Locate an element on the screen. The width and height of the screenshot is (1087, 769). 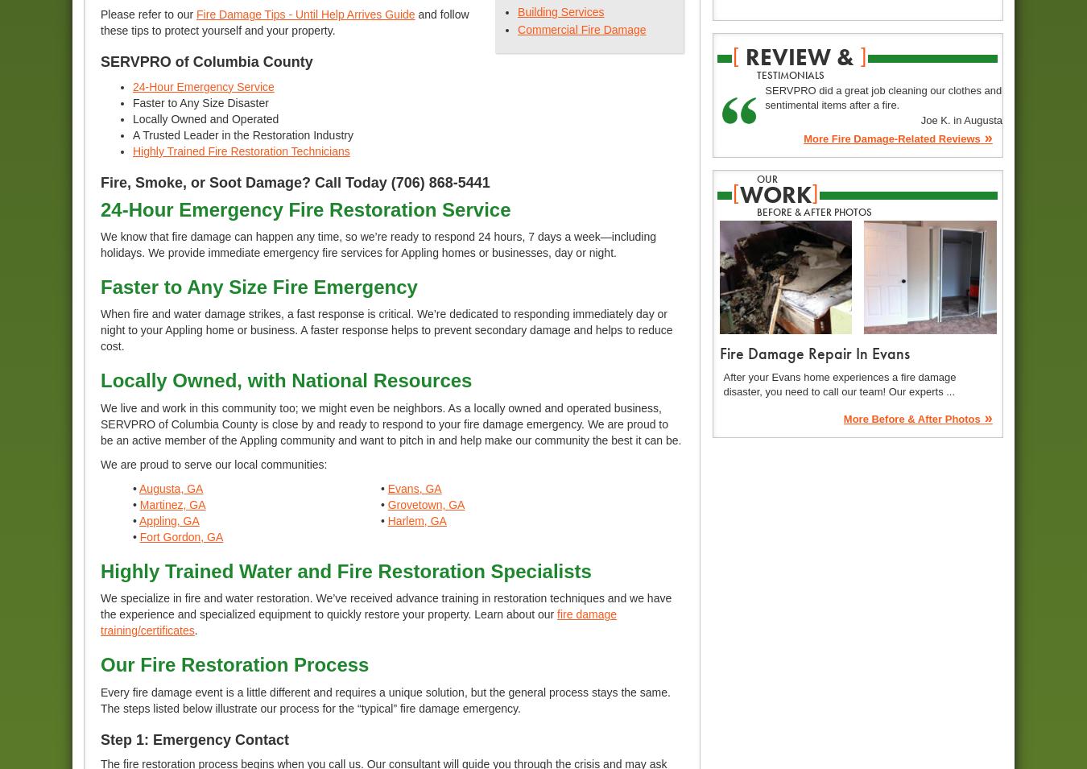
'Grovetown, GA' is located at coordinates (425, 504).